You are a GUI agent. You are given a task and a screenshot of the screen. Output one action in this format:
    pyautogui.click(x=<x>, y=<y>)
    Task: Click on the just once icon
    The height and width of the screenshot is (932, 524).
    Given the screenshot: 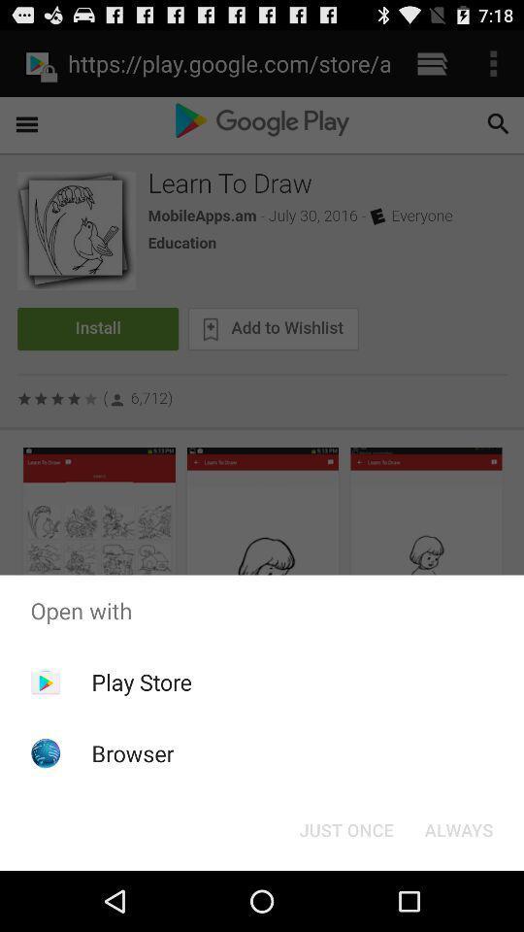 What is the action you would take?
    pyautogui.click(x=345, y=828)
    